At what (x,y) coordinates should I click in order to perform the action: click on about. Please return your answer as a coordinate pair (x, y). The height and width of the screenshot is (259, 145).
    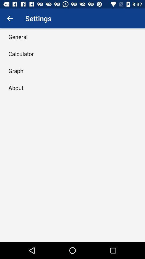
    Looking at the image, I should click on (16, 88).